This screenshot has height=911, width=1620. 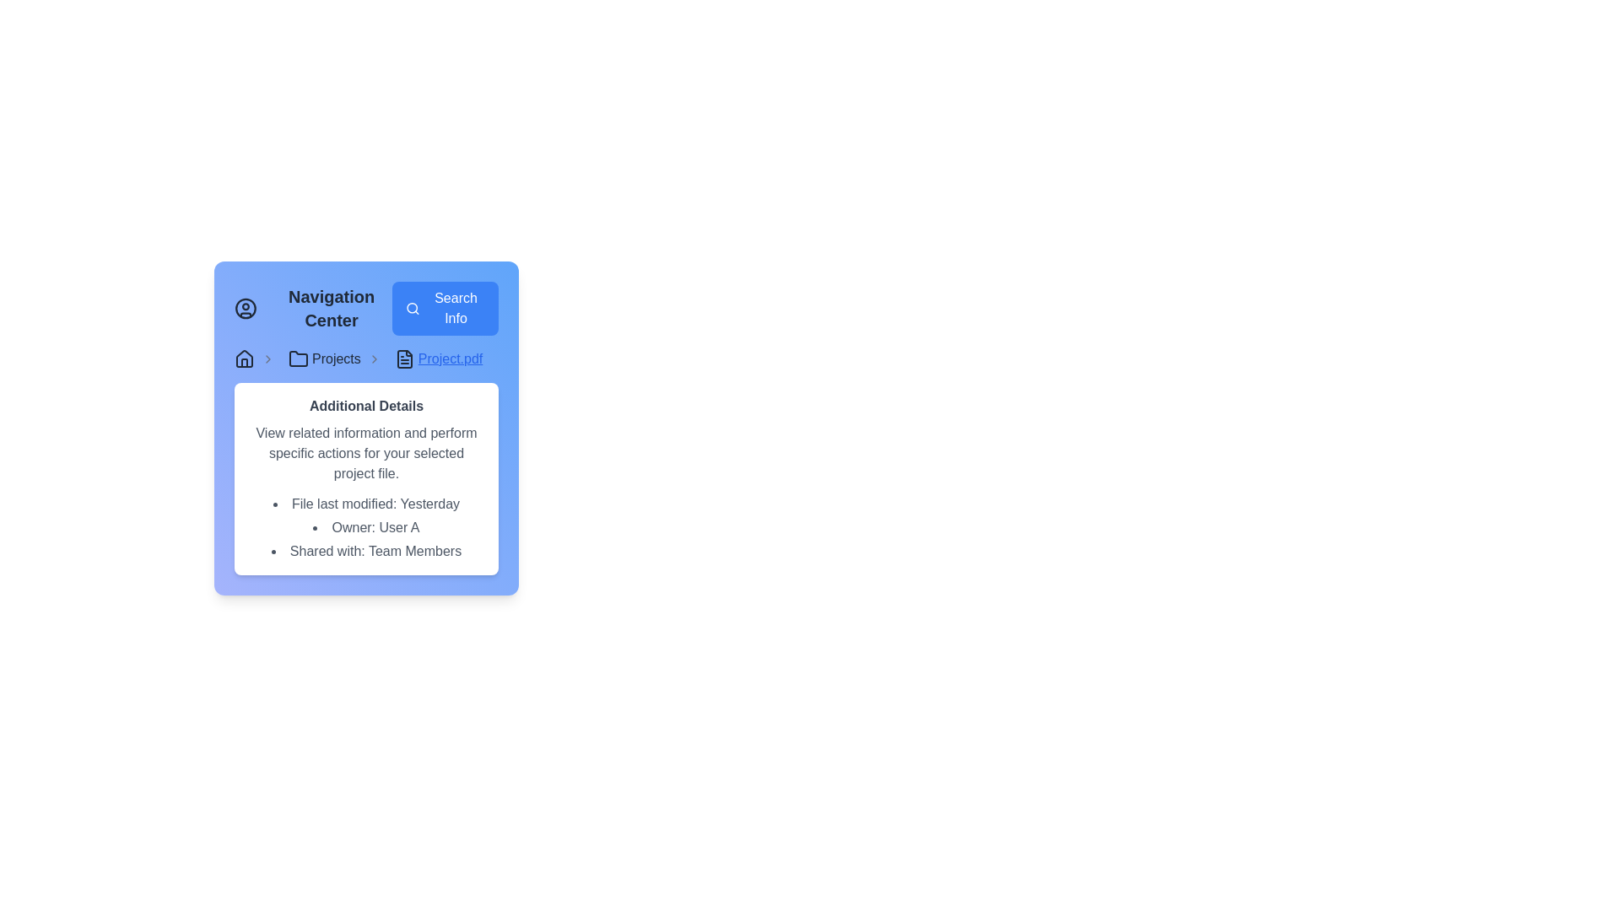 I want to click on the text-based hyperlink labeled 'Project.pdf', so click(x=450, y=358).